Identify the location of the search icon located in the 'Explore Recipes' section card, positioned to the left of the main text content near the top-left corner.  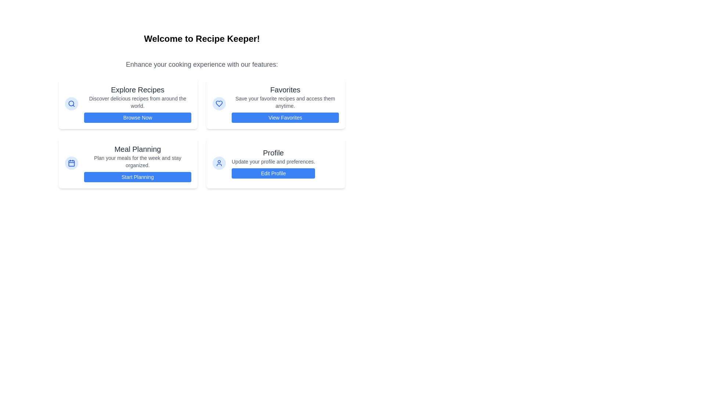
(72, 103).